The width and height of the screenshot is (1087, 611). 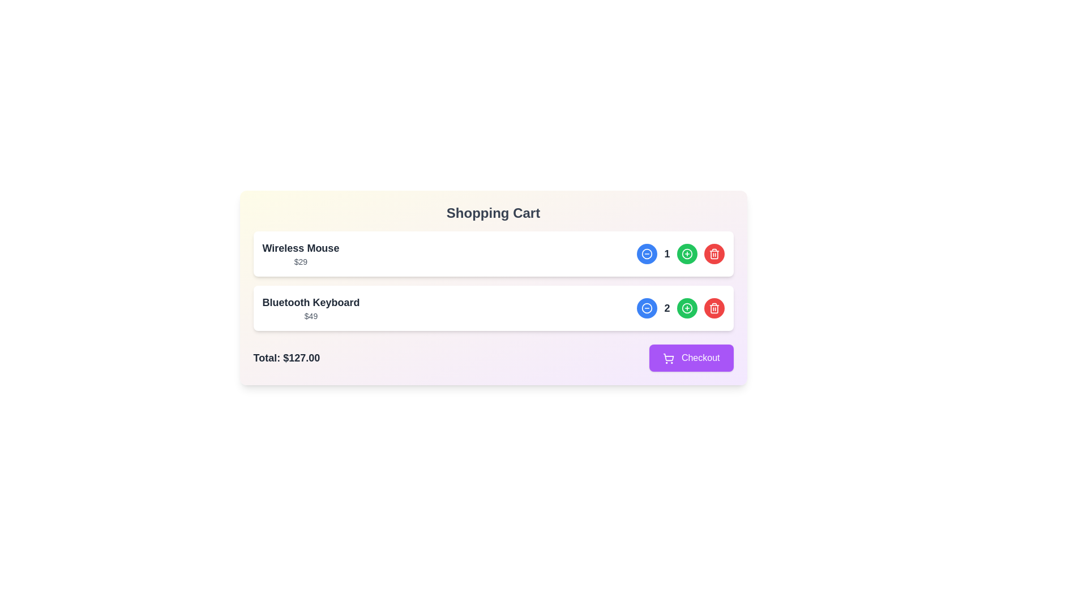 What do you see at coordinates (713, 253) in the screenshot?
I see `the delete icon button for the 'Bluetooth Keyboard' item in the shopping cart interface to trigger hover effects` at bounding box center [713, 253].